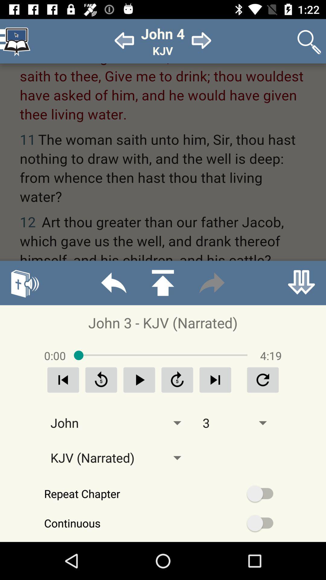 This screenshot has height=580, width=326. I want to click on to maximize the page, so click(162, 282).